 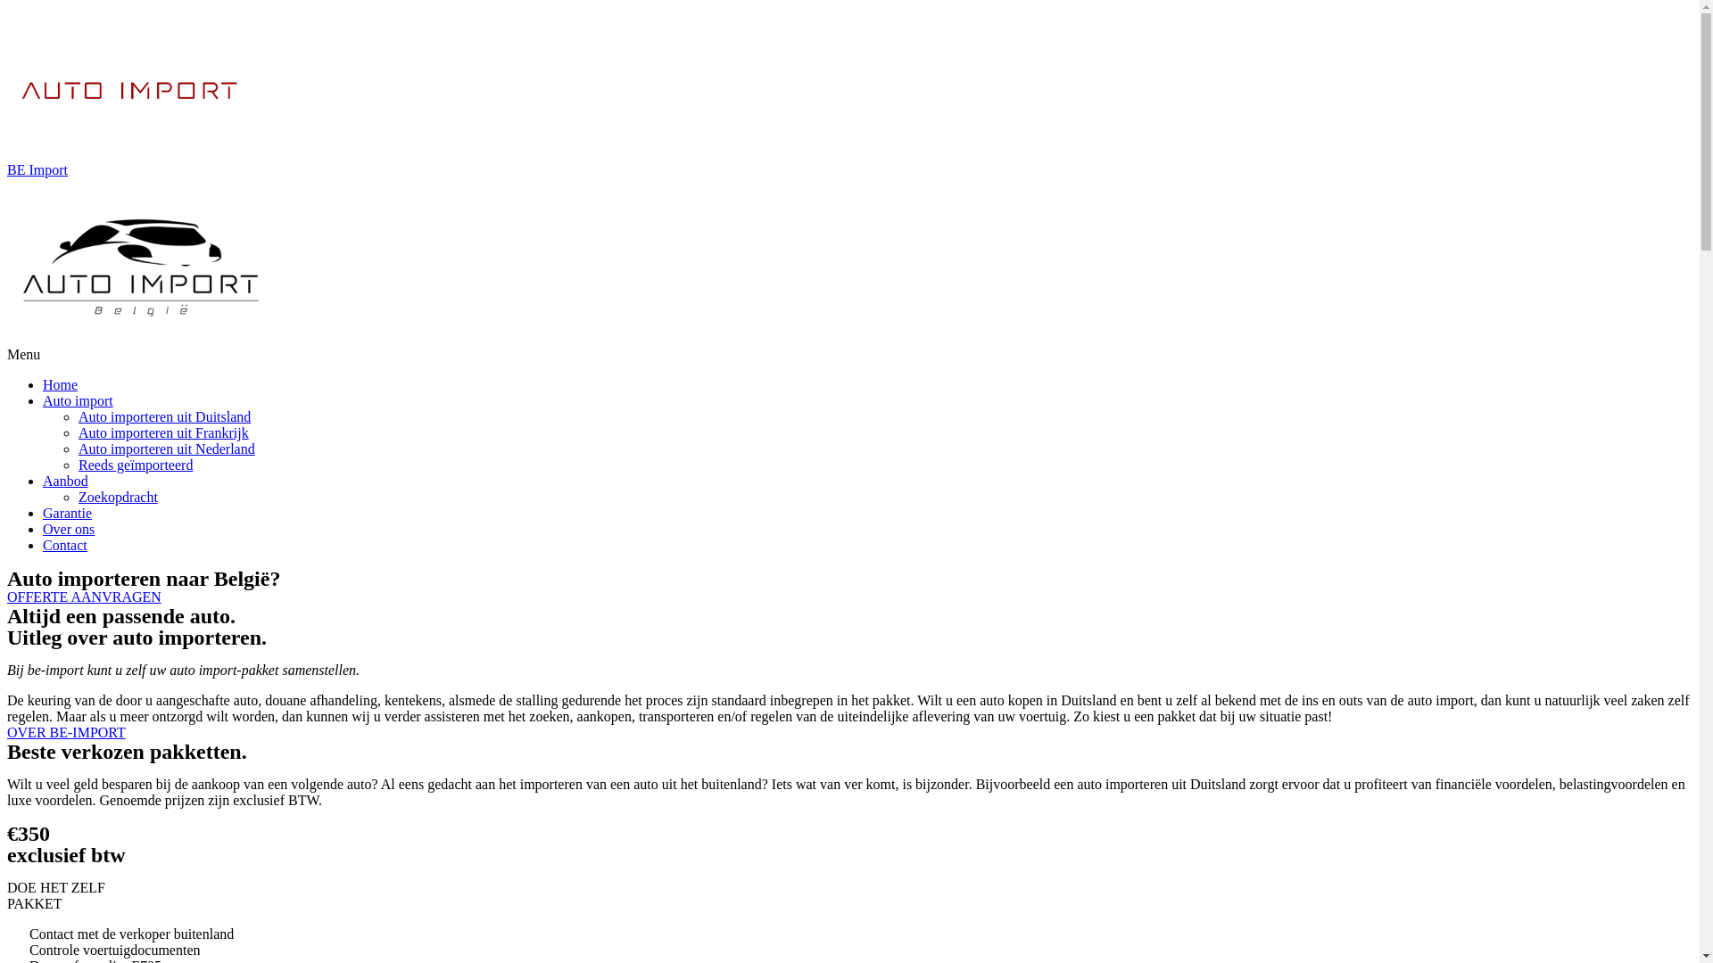 I want to click on 'Home', so click(x=43, y=383).